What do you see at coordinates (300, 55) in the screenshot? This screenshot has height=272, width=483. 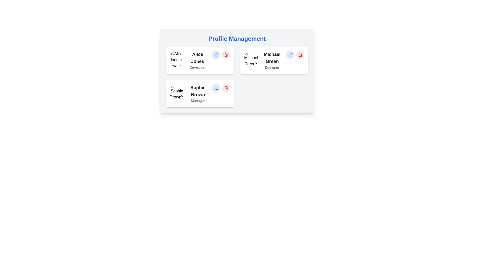 I see `the Icon button located in the top-right corner of the card for 'Michael Green'` at bounding box center [300, 55].